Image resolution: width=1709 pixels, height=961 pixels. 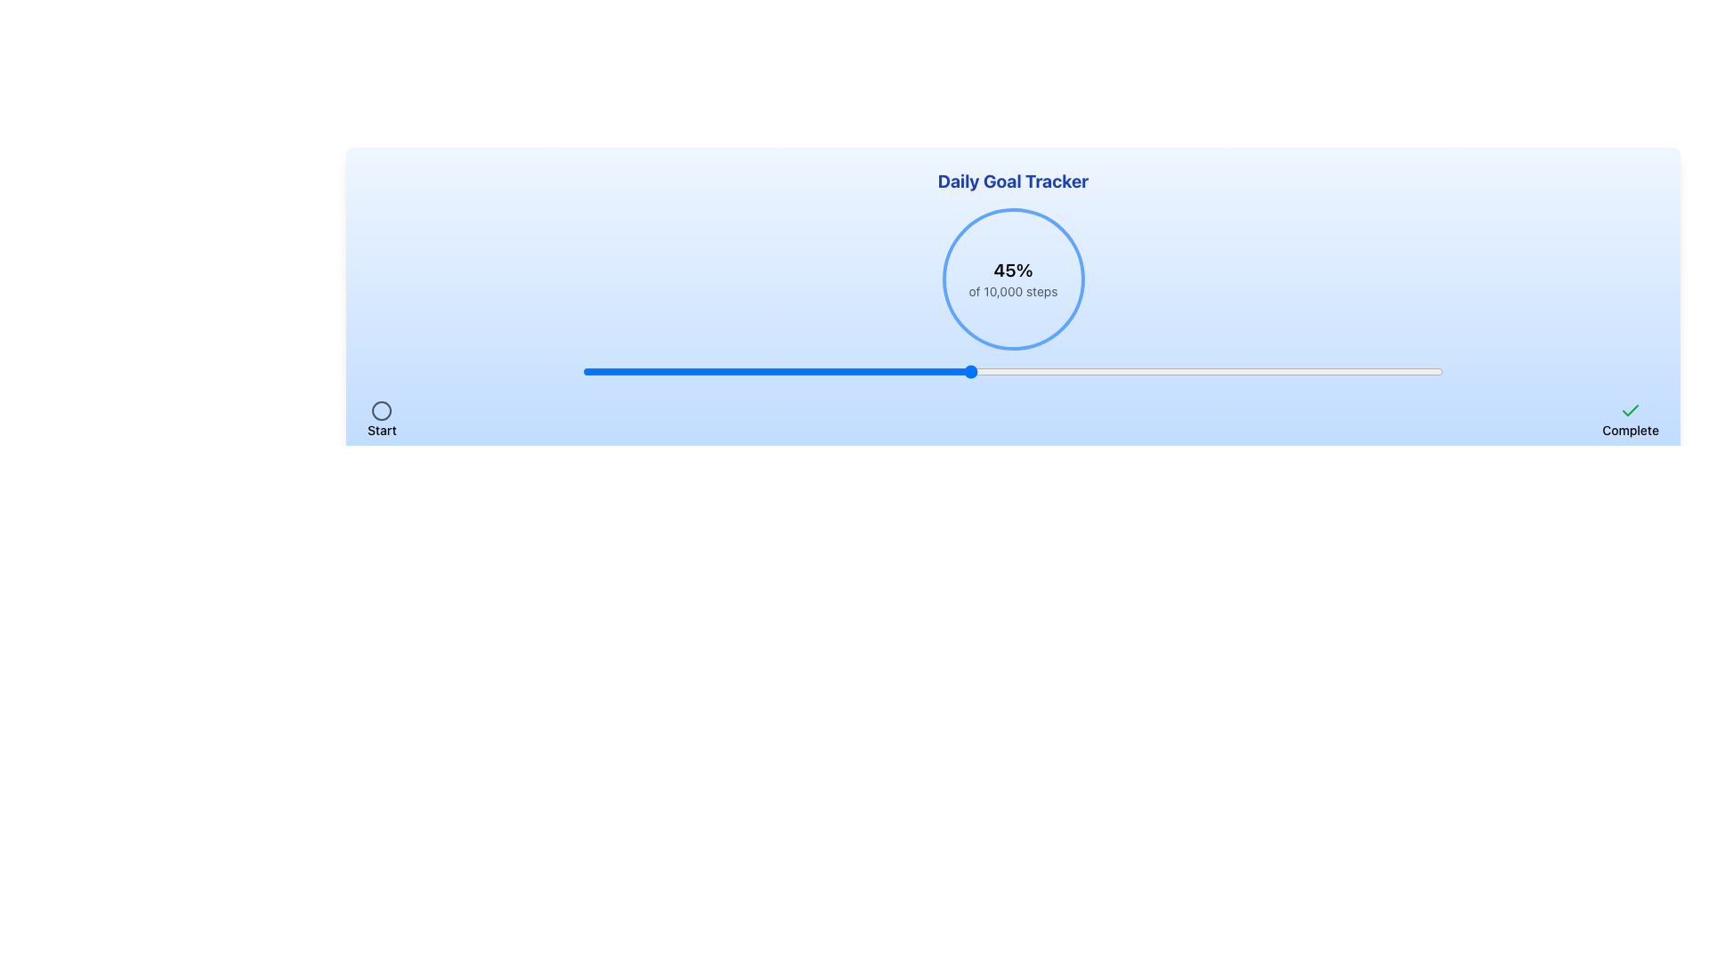 What do you see at coordinates (381, 411) in the screenshot?
I see `the circular SVG graphic element located near the label 'Start', which has a simplistic design and is centered within a 24x24 viewport` at bounding box center [381, 411].